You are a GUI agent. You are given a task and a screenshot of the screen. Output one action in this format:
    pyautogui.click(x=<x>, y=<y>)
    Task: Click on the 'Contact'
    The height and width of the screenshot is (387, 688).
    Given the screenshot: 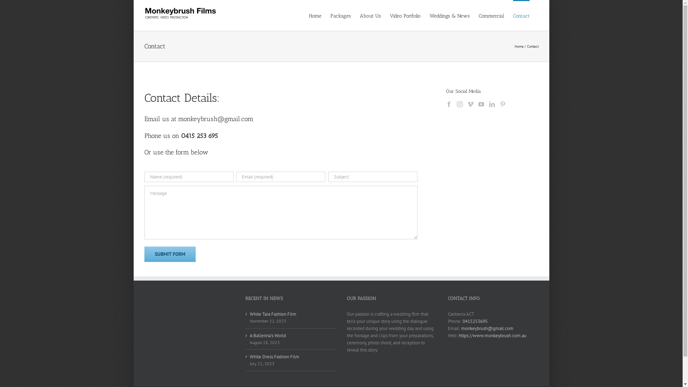 What is the action you would take?
    pyautogui.click(x=521, y=15)
    